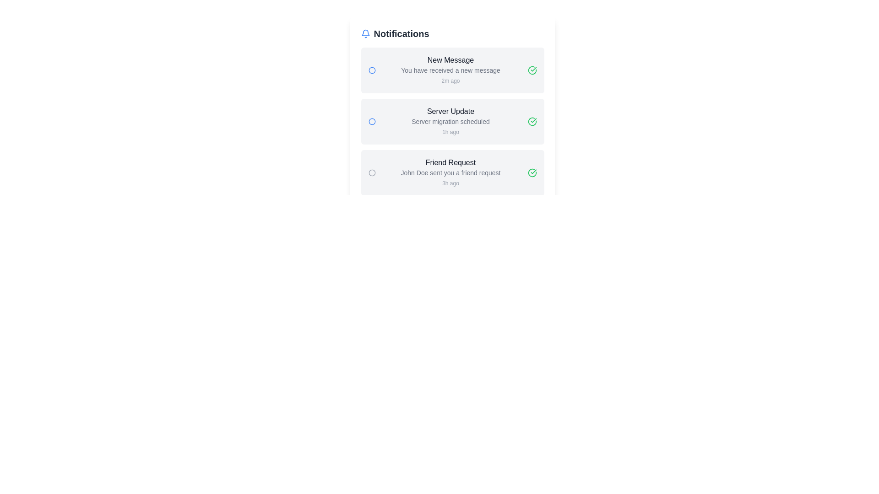  What do you see at coordinates (450, 173) in the screenshot?
I see `the Static Text that conveys the details of the notification stating that John Doe has sent a friend request, located within the 'Friend Request' notification card` at bounding box center [450, 173].